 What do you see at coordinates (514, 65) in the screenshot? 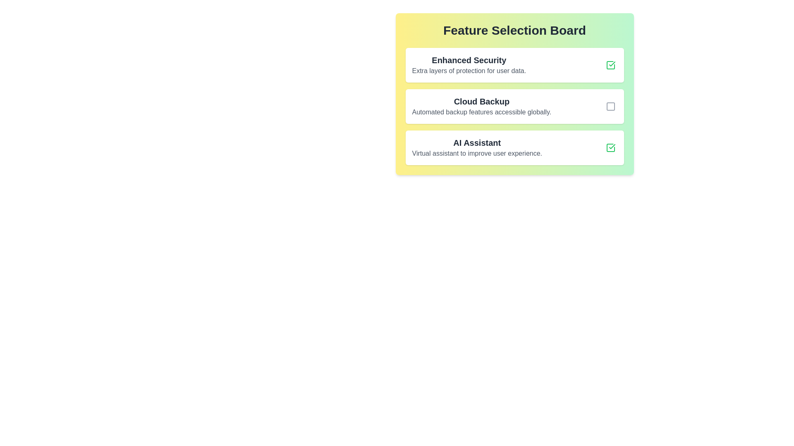
I see `the 'Enhanced Security' list item with selection indicator` at bounding box center [514, 65].